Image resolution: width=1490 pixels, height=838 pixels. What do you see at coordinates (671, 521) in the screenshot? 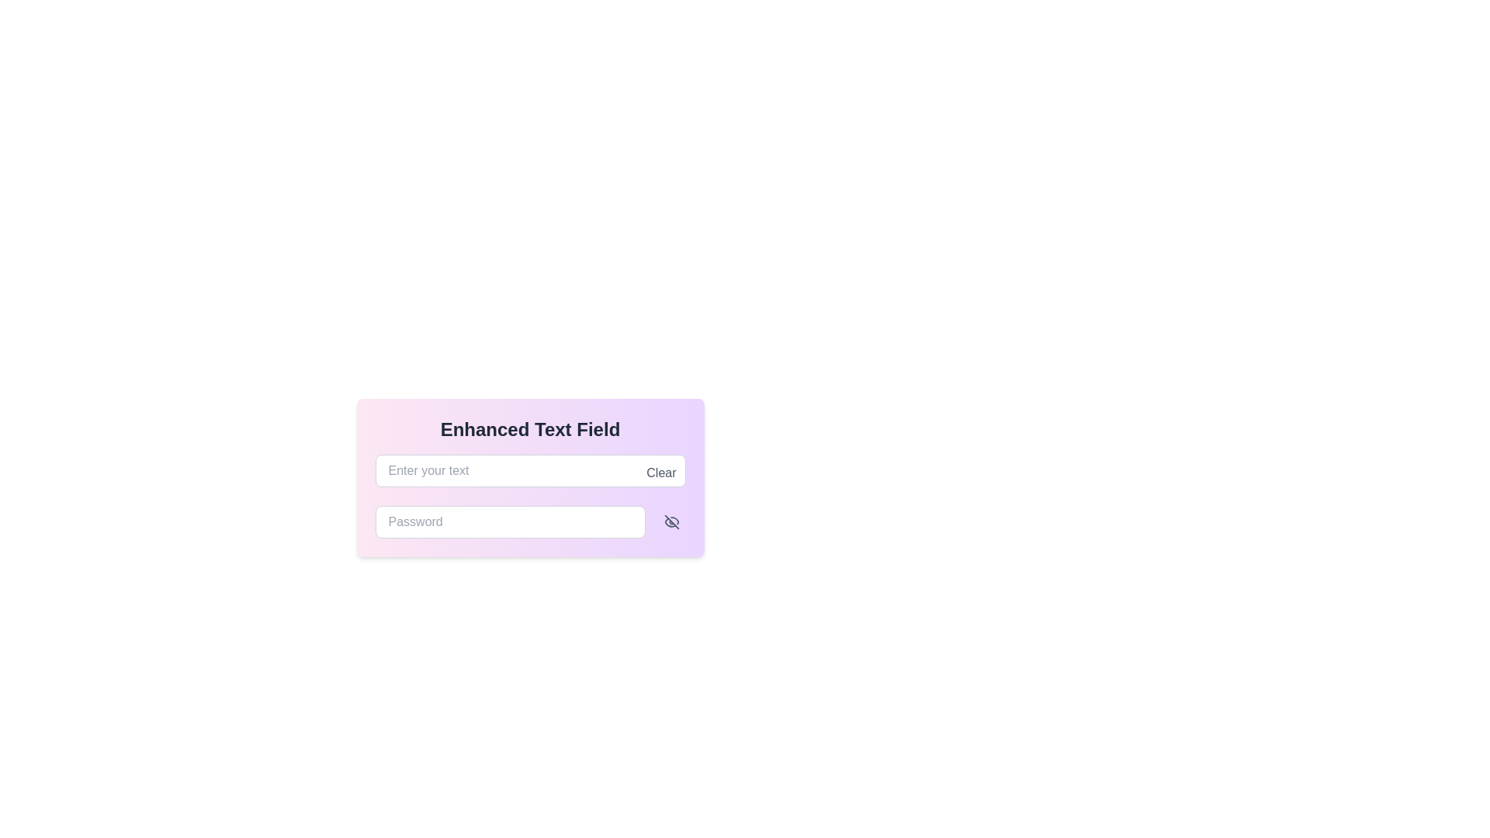
I see `the SVG-based eye icon with a diagonal line crossing through it, used for toggling visibility of sensitive input fields` at bounding box center [671, 521].